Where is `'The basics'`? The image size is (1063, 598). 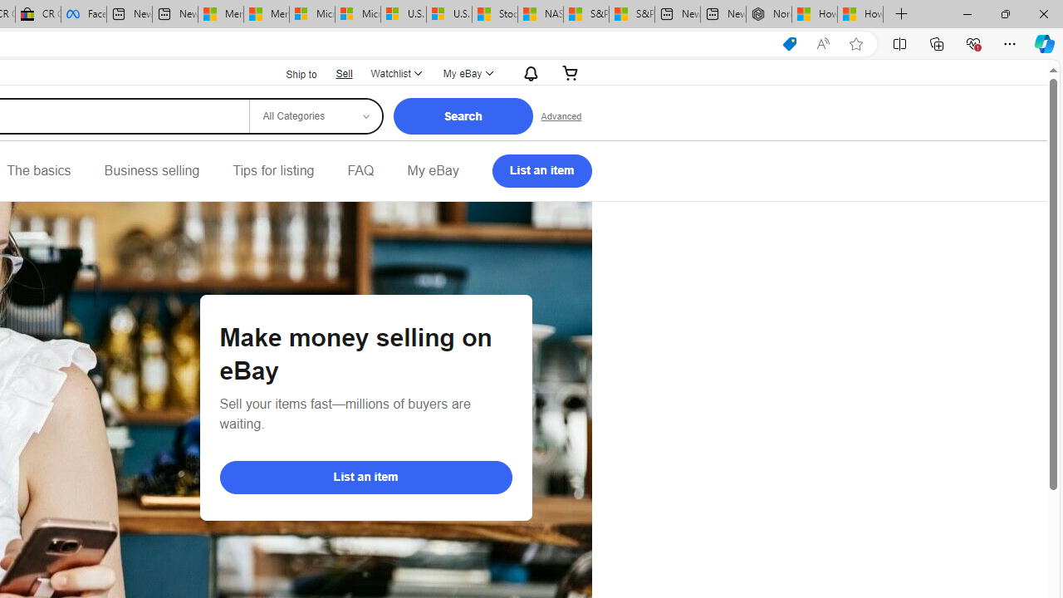 'The basics' is located at coordinates (38, 170).